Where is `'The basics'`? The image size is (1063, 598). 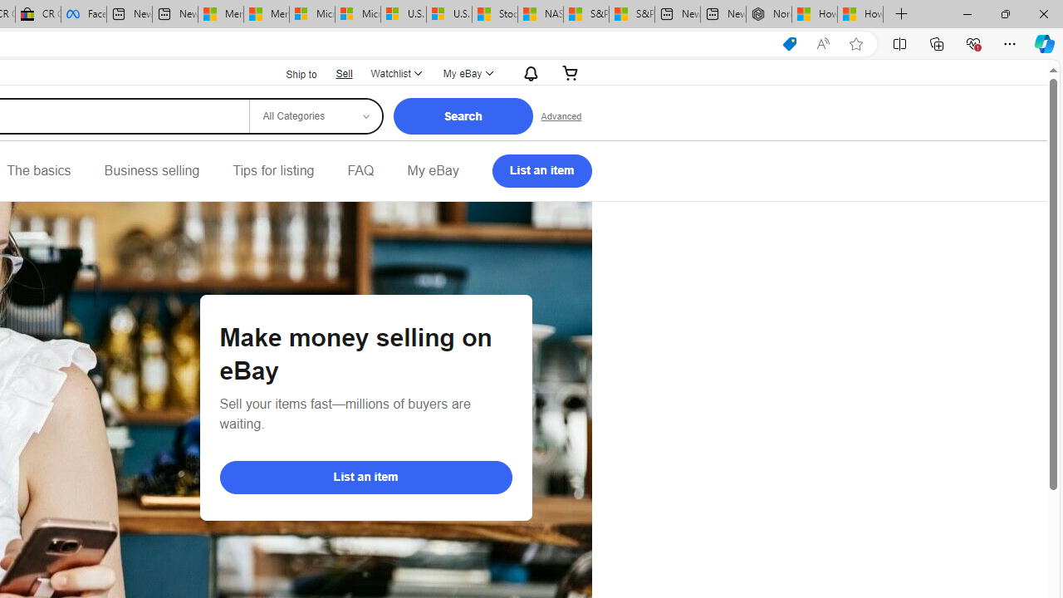 'The basics' is located at coordinates (38, 170).